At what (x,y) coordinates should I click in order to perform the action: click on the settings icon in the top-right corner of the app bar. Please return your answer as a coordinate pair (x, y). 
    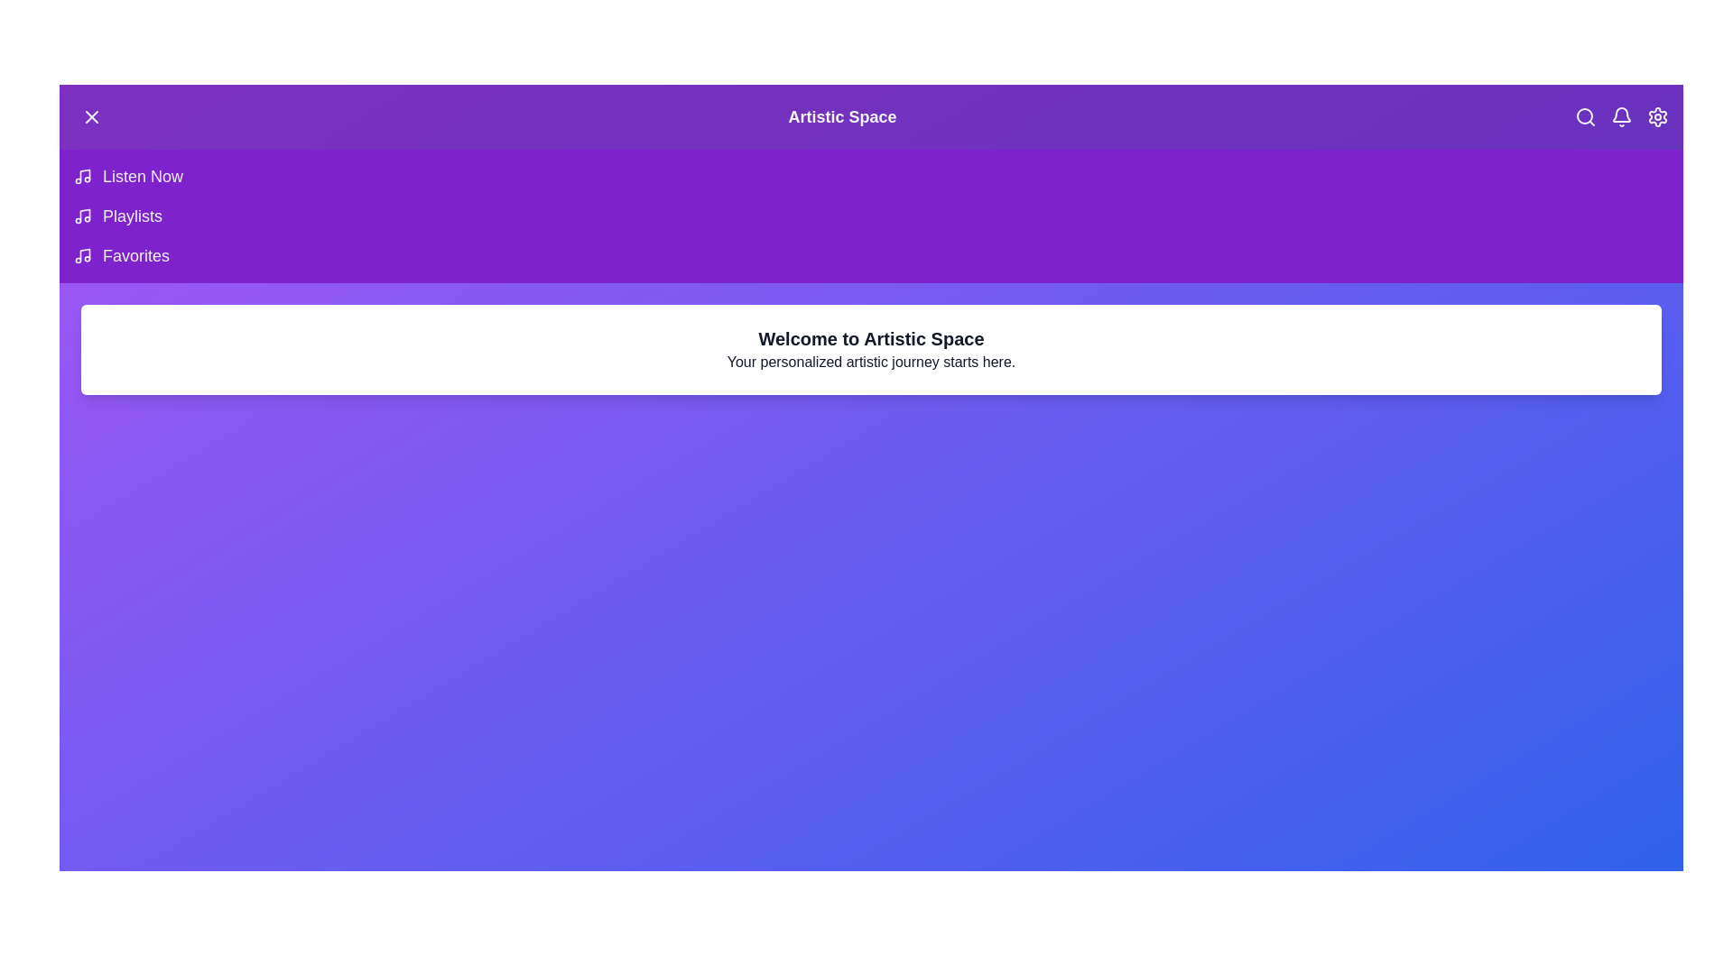
    Looking at the image, I should click on (1658, 117).